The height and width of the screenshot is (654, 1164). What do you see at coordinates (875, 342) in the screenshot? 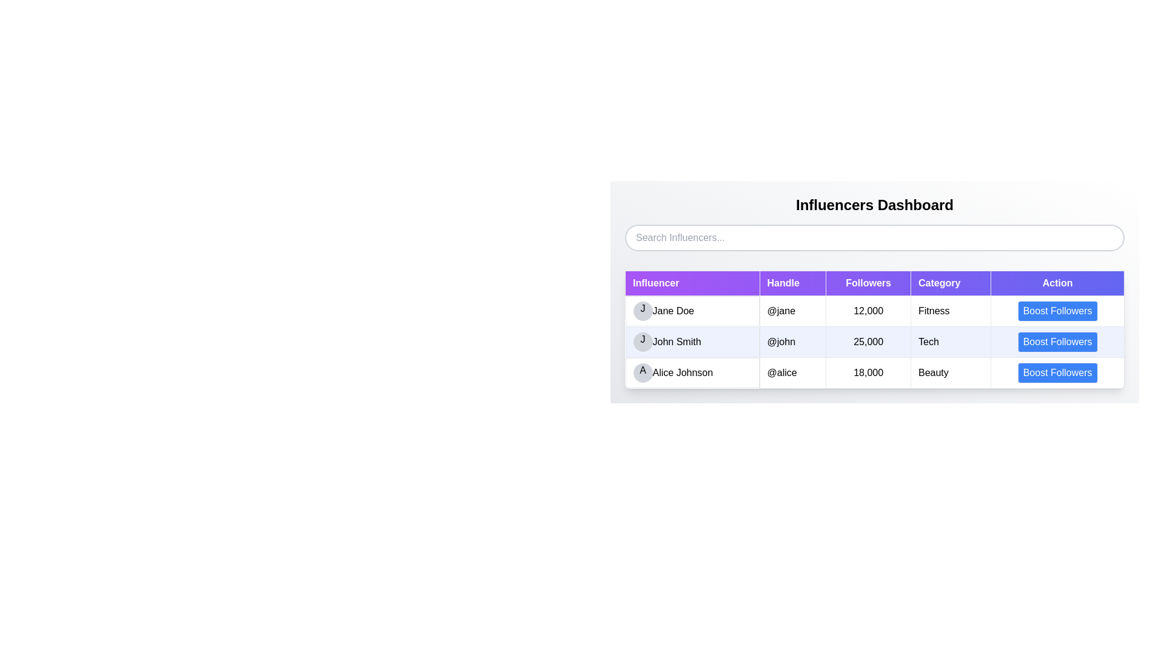
I see `the second row of the tabular data that displays information about the influencer 'John Smith'` at bounding box center [875, 342].